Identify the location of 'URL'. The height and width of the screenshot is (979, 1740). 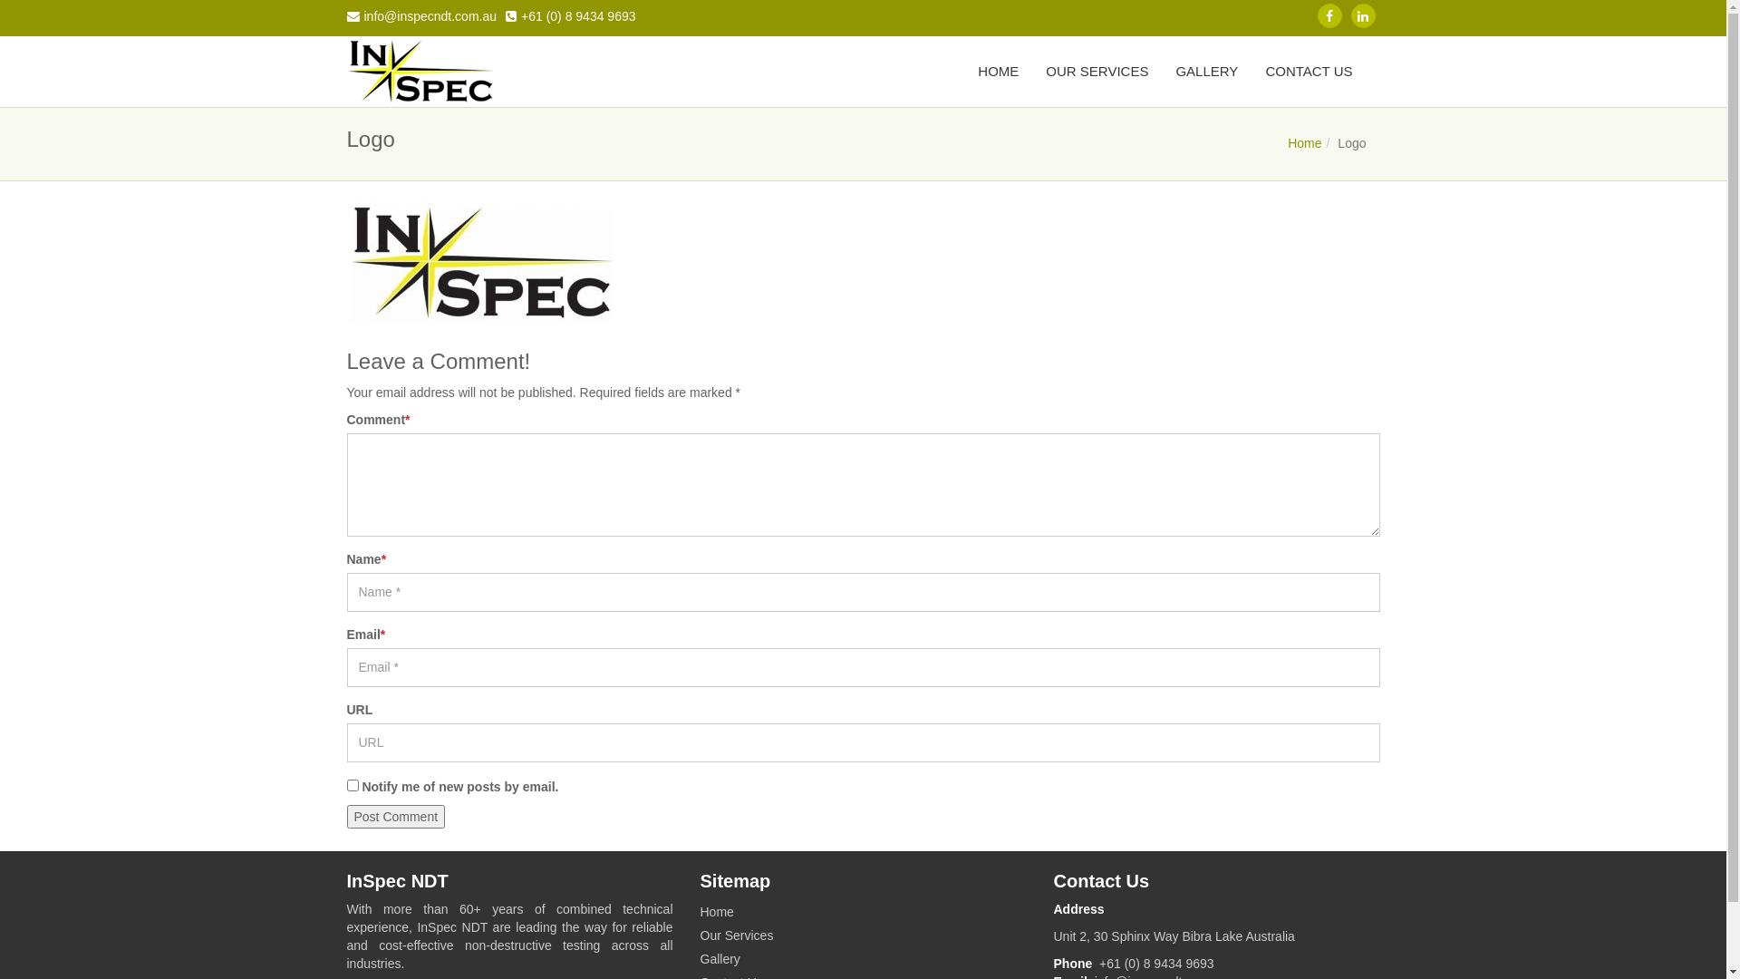
(346, 742).